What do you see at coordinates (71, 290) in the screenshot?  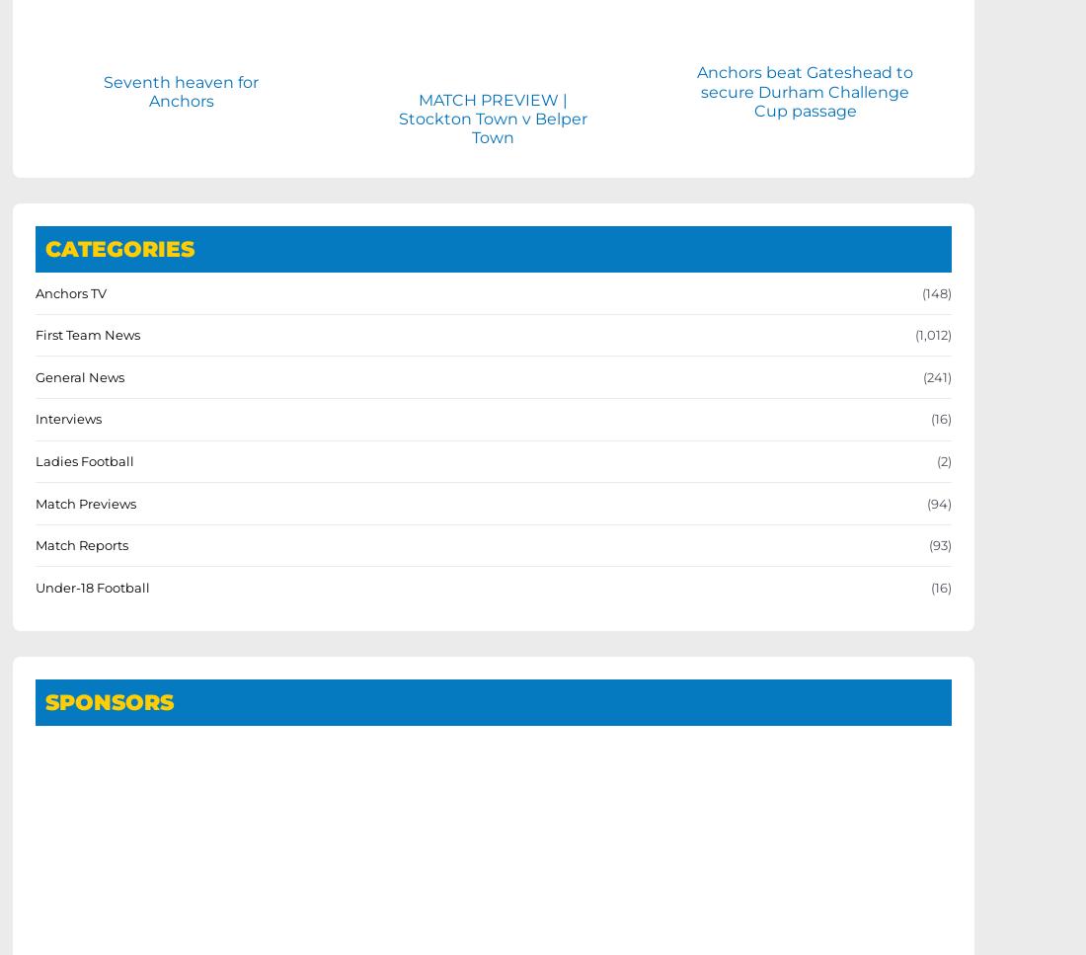 I see `'Anchors TV'` at bounding box center [71, 290].